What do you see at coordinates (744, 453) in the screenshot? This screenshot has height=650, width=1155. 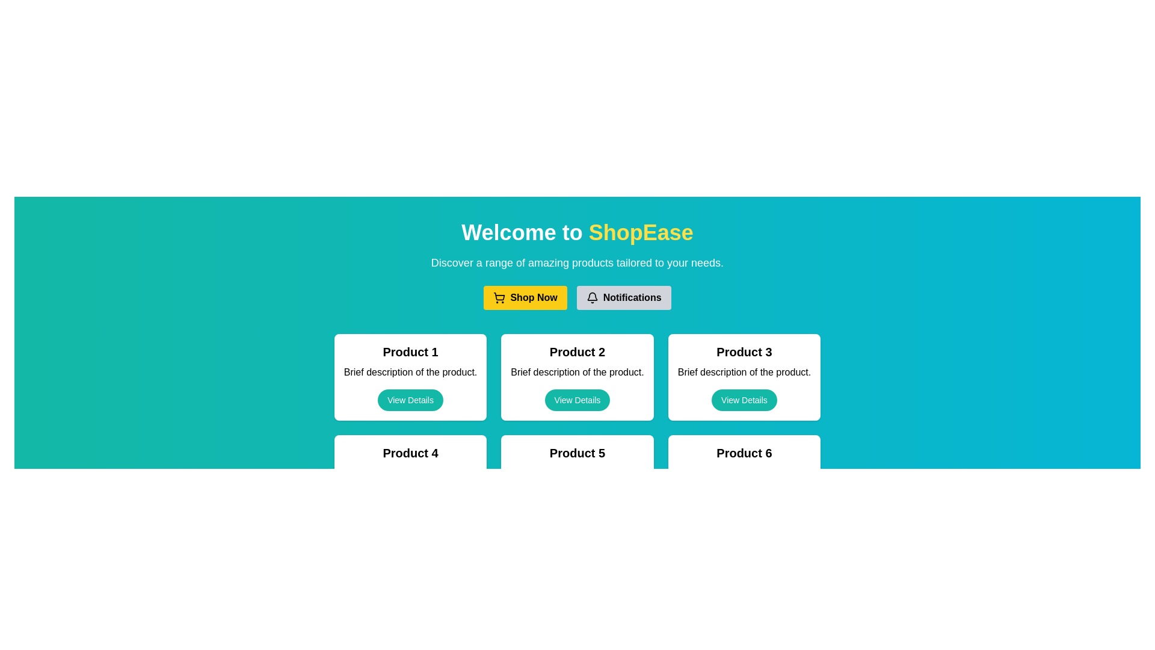 I see `the text label 'Product 6' which is prominently displayed in a bold, large font at the top of the sixth product card` at bounding box center [744, 453].